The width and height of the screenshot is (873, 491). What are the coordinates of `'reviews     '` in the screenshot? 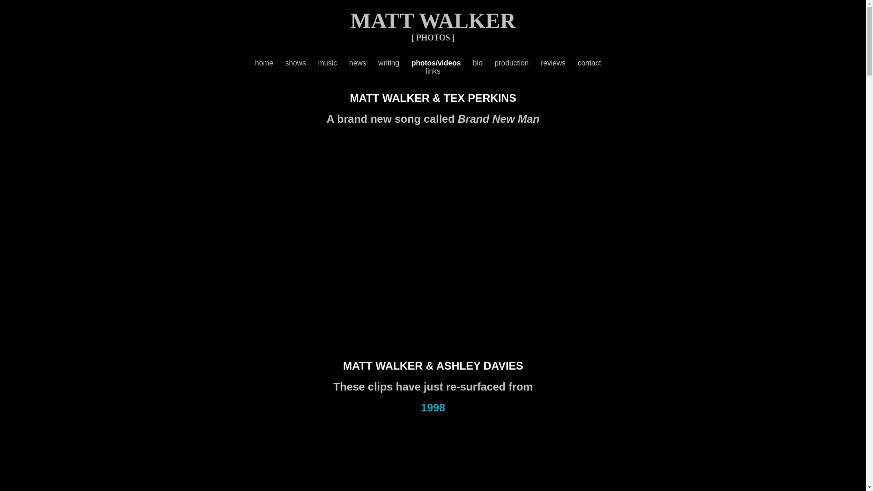 It's located at (558, 62).